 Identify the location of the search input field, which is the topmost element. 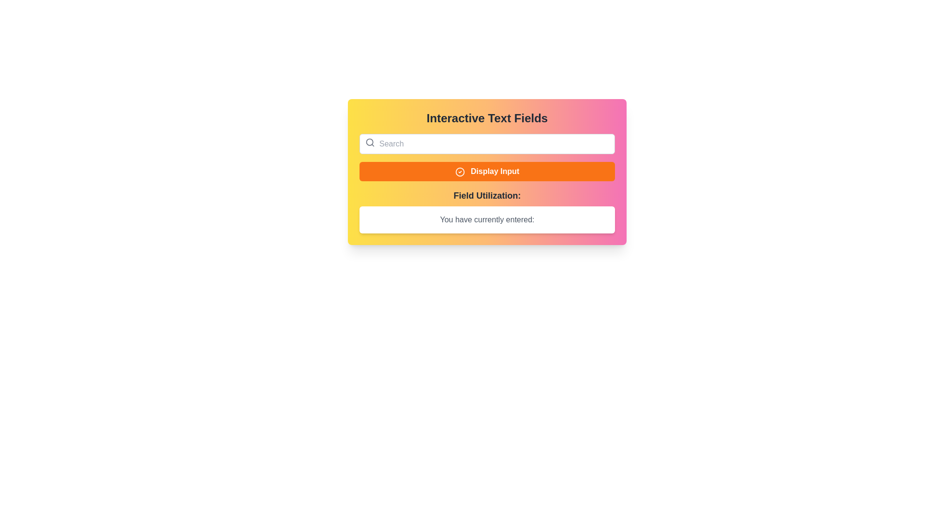
(487, 144).